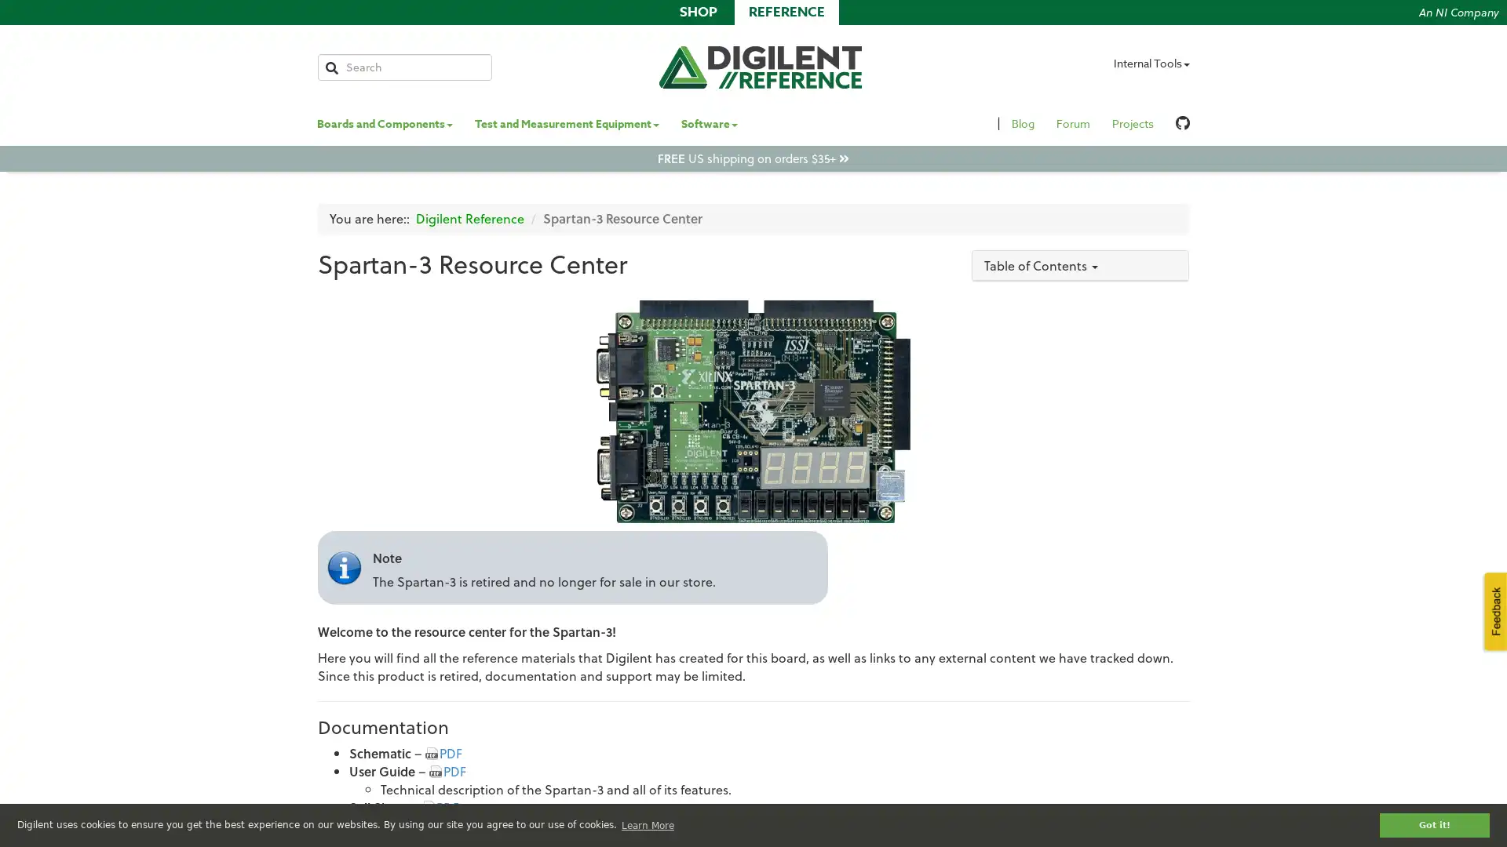  What do you see at coordinates (648, 824) in the screenshot?
I see `learn more about cookies` at bounding box center [648, 824].